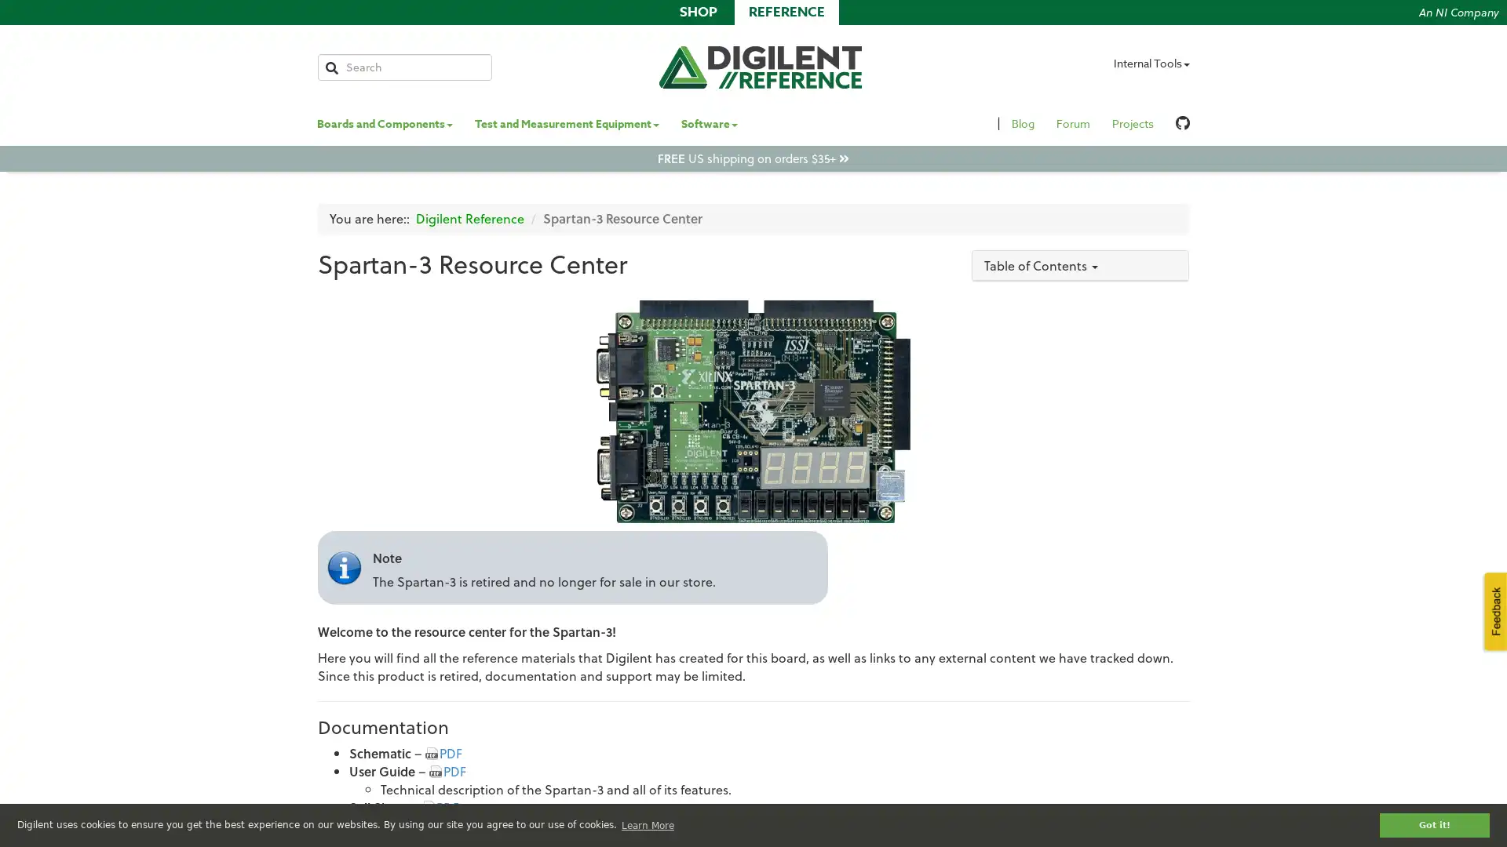  What do you see at coordinates (648, 824) in the screenshot?
I see `learn more about cookies` at bounding box center [648, 824].